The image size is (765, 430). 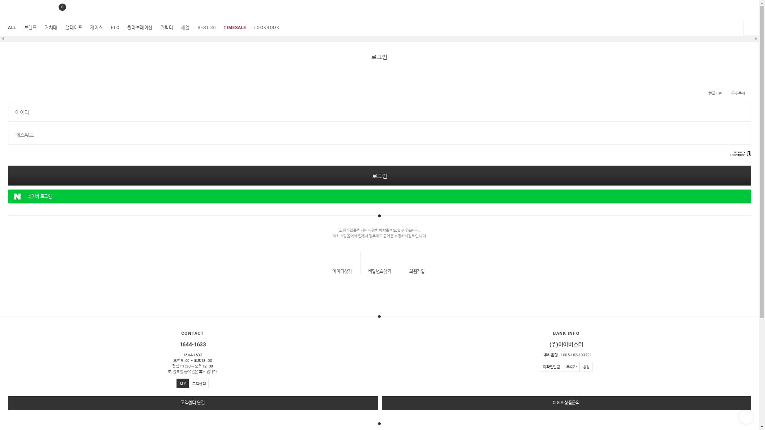 I want to click on '0', so click(x=57, y=10).